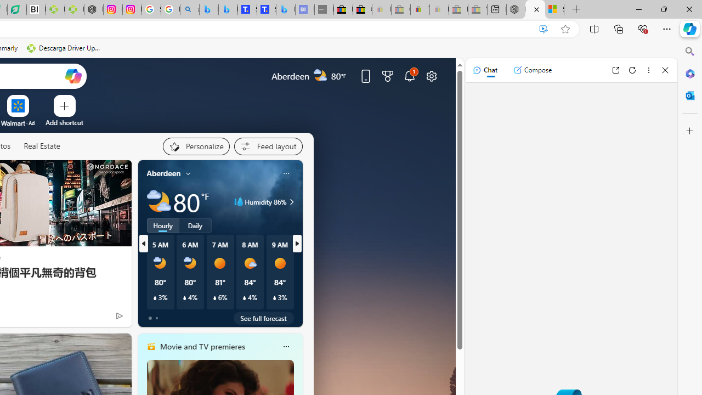 The image size is (702, 395). What do you see at coordinates (297, 242) in the screenshot?
I see `'next'` at bounding box center [297, 242].